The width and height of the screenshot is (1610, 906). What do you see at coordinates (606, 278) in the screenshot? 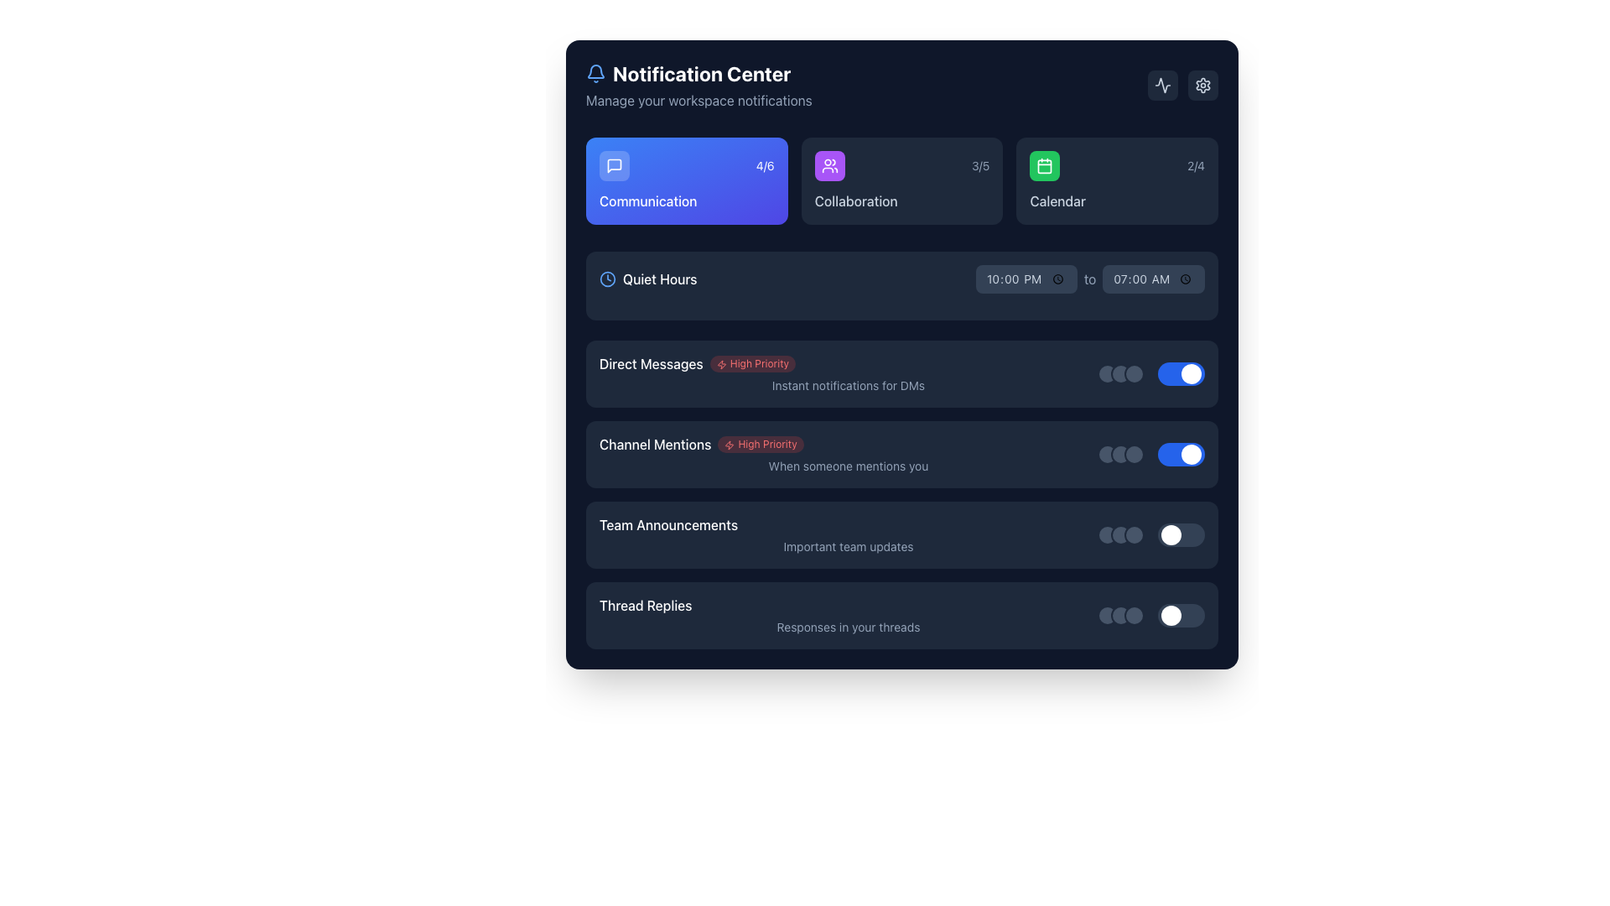
I see `the circular vector element of the clock icon located near the top-left section of the interface, adjacent to the 'Quiet Hours' label` at bounding box center [606, 278].